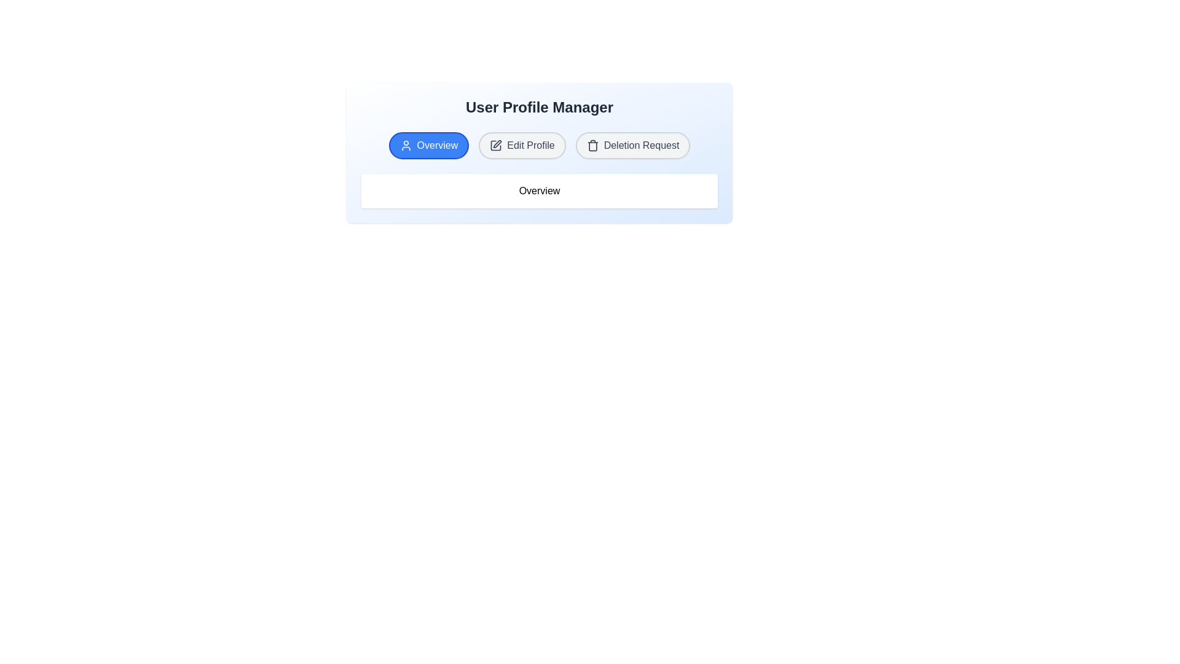 This screenshot has height=664, width=1180. I want to click on the icon of the Overview tab, so click(406, 144).